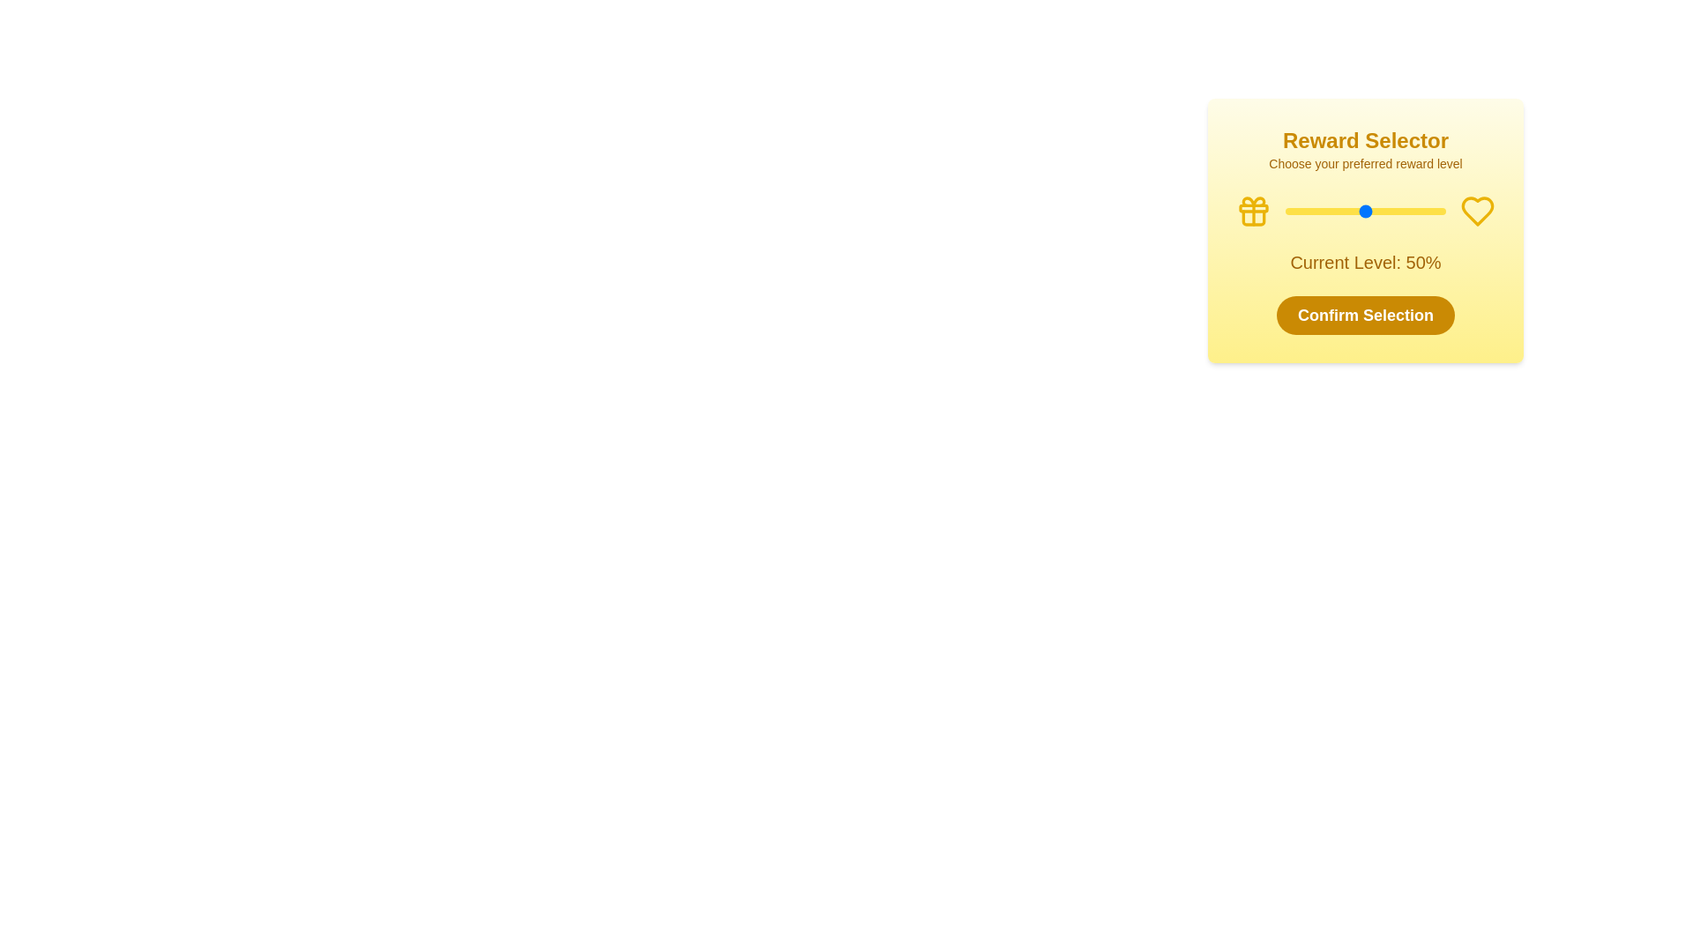  What do you see at coordinates (1431, 210) in the screenshot?
I see `the reward level` at bounding box center [1431, 210].